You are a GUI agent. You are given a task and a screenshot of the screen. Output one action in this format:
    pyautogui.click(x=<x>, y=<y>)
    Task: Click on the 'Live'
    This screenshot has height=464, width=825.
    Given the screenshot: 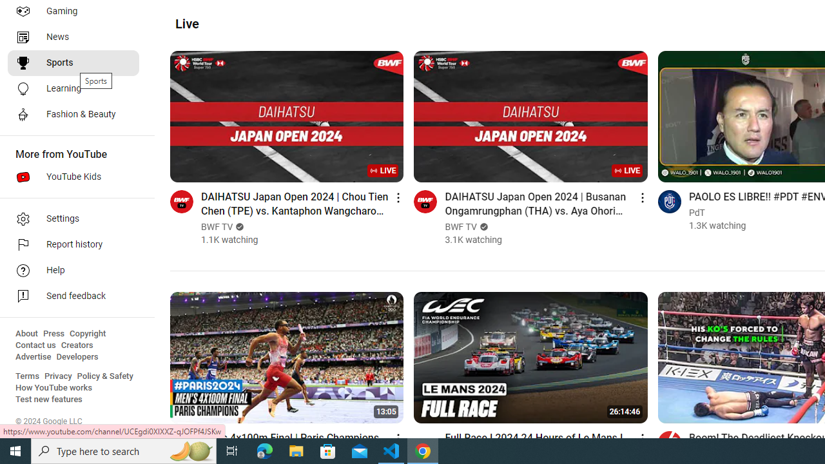 What is the action you would take?
    pyautogui.click(x=186, y=24)
    